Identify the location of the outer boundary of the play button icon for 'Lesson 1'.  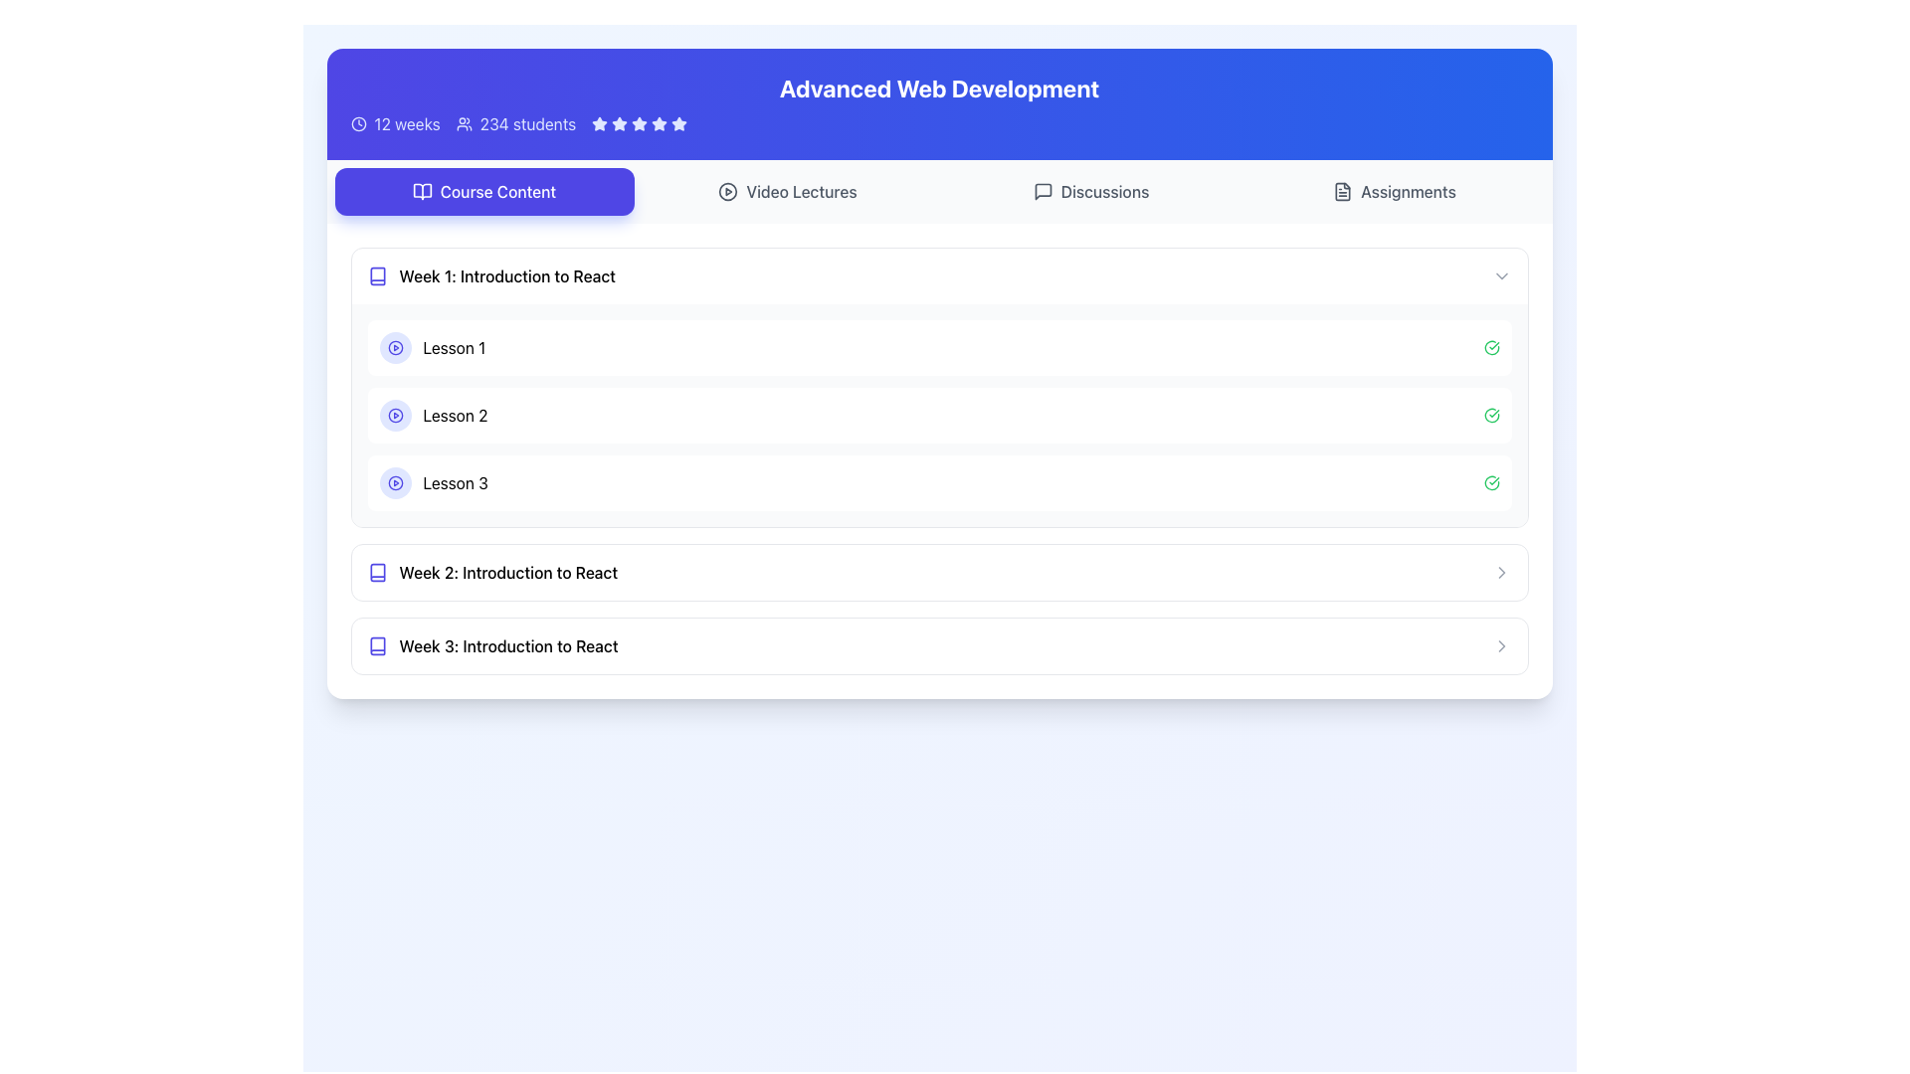
(727, 191).